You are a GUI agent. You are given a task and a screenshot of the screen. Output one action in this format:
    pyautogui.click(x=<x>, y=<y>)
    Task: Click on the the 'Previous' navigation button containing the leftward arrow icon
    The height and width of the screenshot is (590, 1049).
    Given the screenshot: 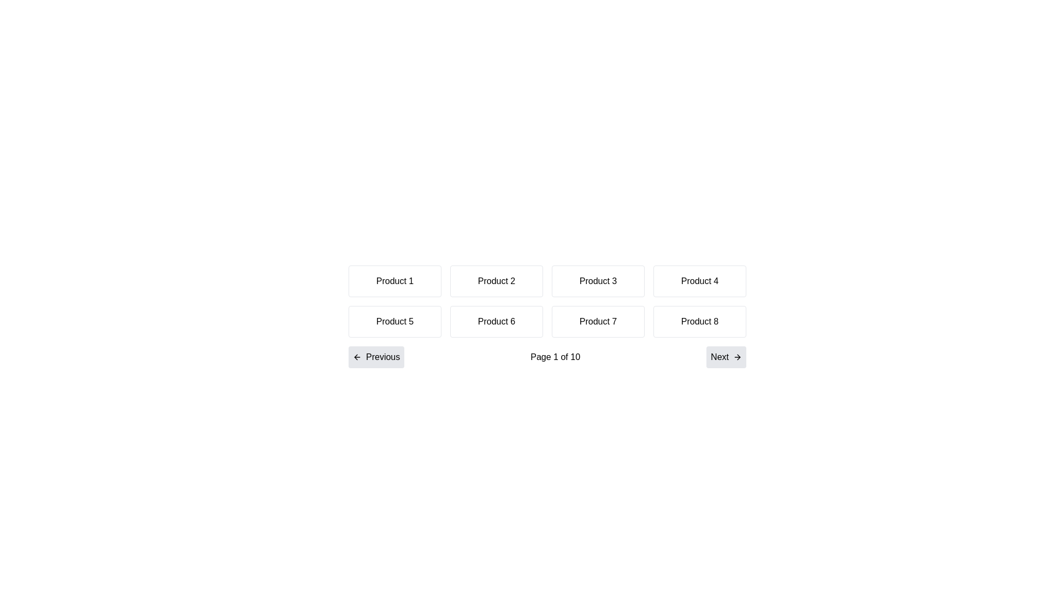 What is the action you would take?
    pyautogui.click(x=357, y=357)
    